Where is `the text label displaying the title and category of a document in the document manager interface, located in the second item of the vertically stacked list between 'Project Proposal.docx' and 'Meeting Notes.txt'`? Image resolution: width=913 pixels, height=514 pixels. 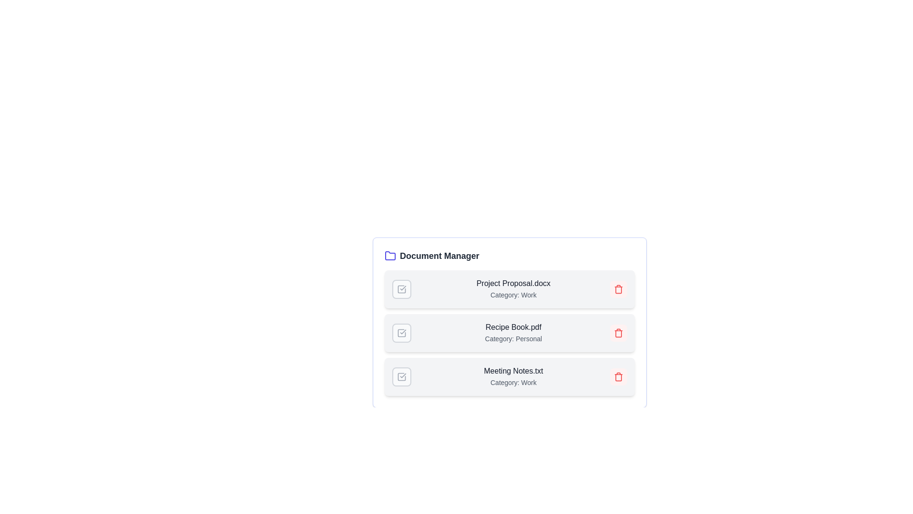 the text label displaying the title and category of a document in the document manager interface, located in the second item of the vertically stacked list between 'Project Proposal.docx' and 'Meeting Notes.txt' is located at coordinates (513, 332).